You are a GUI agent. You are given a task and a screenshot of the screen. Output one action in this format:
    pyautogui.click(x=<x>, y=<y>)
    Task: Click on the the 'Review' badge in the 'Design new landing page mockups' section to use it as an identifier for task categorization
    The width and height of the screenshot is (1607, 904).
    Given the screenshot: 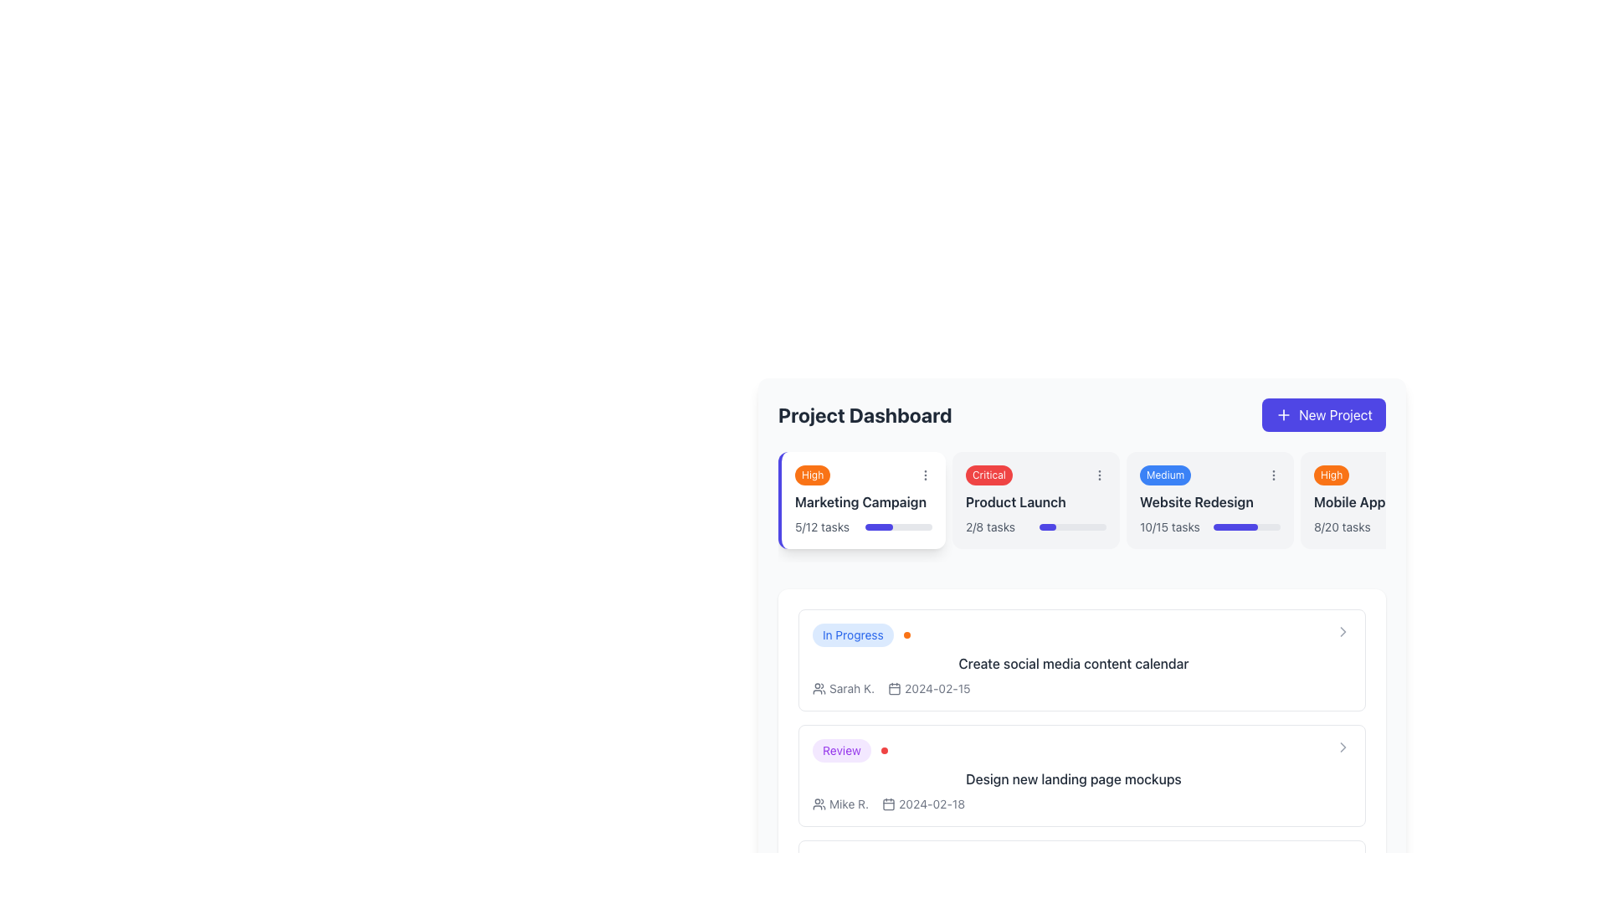 What is the action you would take?
    pyautogui.click(x=841, y=750)
    